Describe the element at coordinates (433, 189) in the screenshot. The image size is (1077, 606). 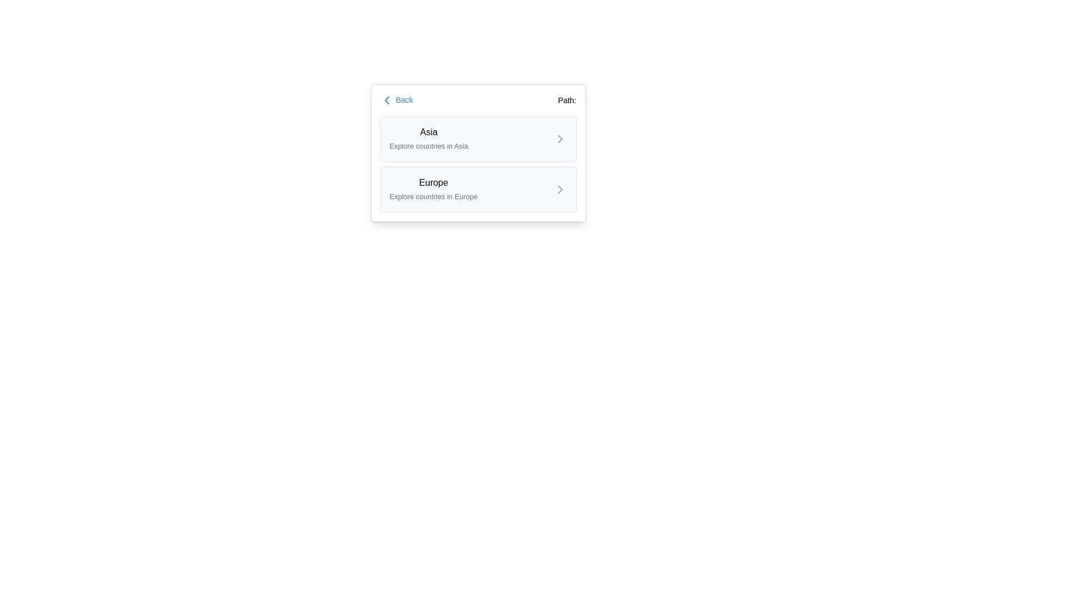
I see `information from the selectable option for navigating to the section dedicated to exploring countries in Europe, which is the second item in a vertically-aligned list of selectable regions` at that location.